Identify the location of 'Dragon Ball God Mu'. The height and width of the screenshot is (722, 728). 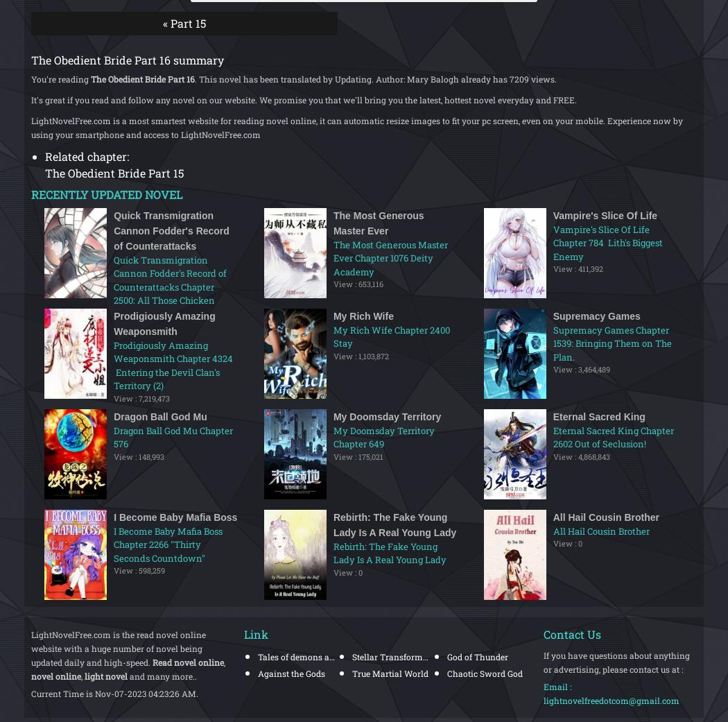
(160, 416).